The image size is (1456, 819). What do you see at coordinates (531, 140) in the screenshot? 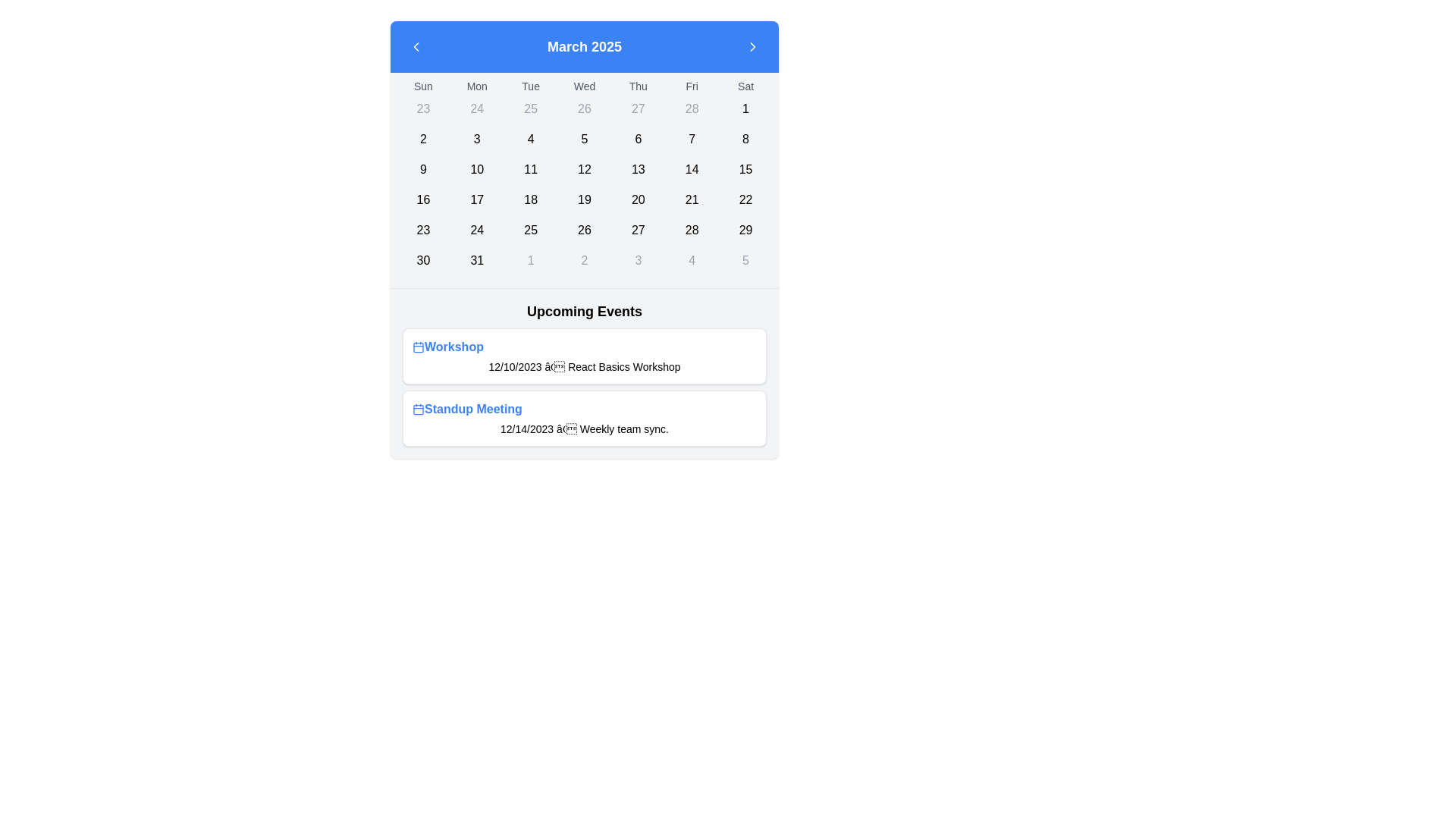
I see `the calendar day cell displaying the number '4'` at bounding box center [531, 140].